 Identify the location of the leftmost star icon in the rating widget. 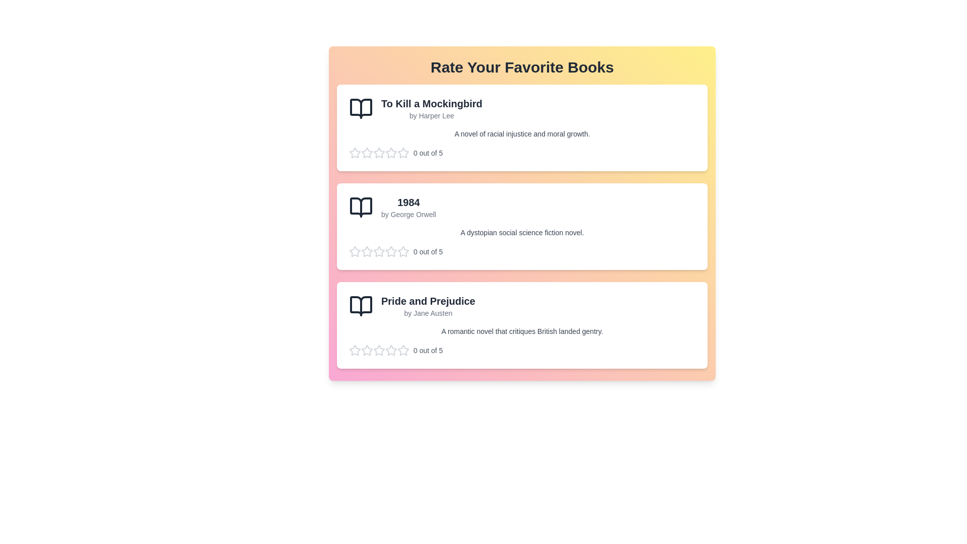
(355, 251).